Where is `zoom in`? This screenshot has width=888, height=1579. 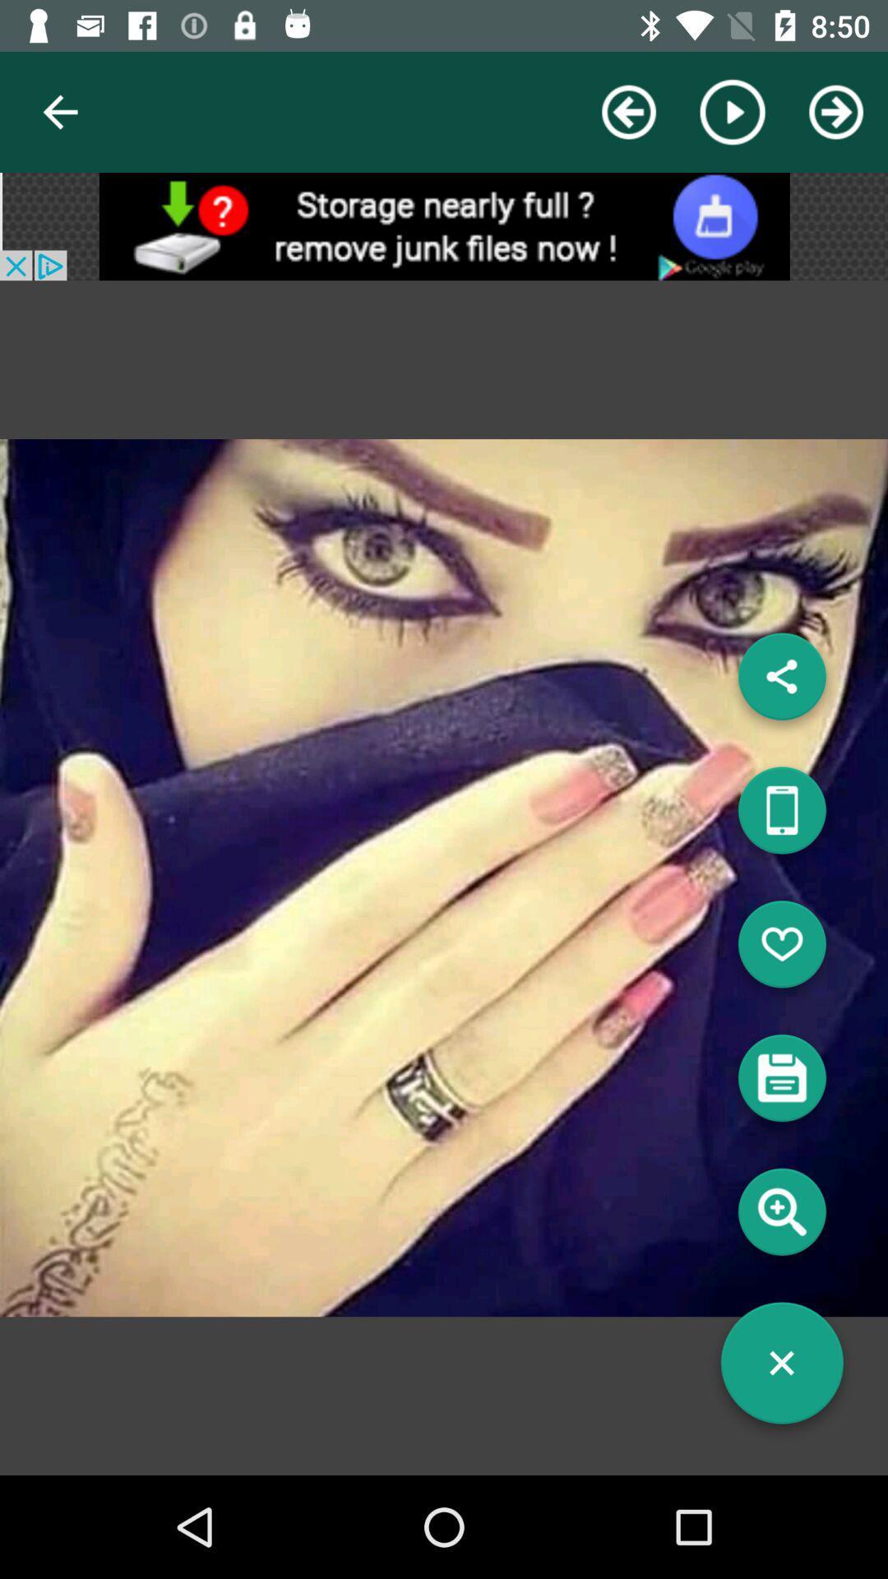
zoom in is located at coordinates (781, 1218).